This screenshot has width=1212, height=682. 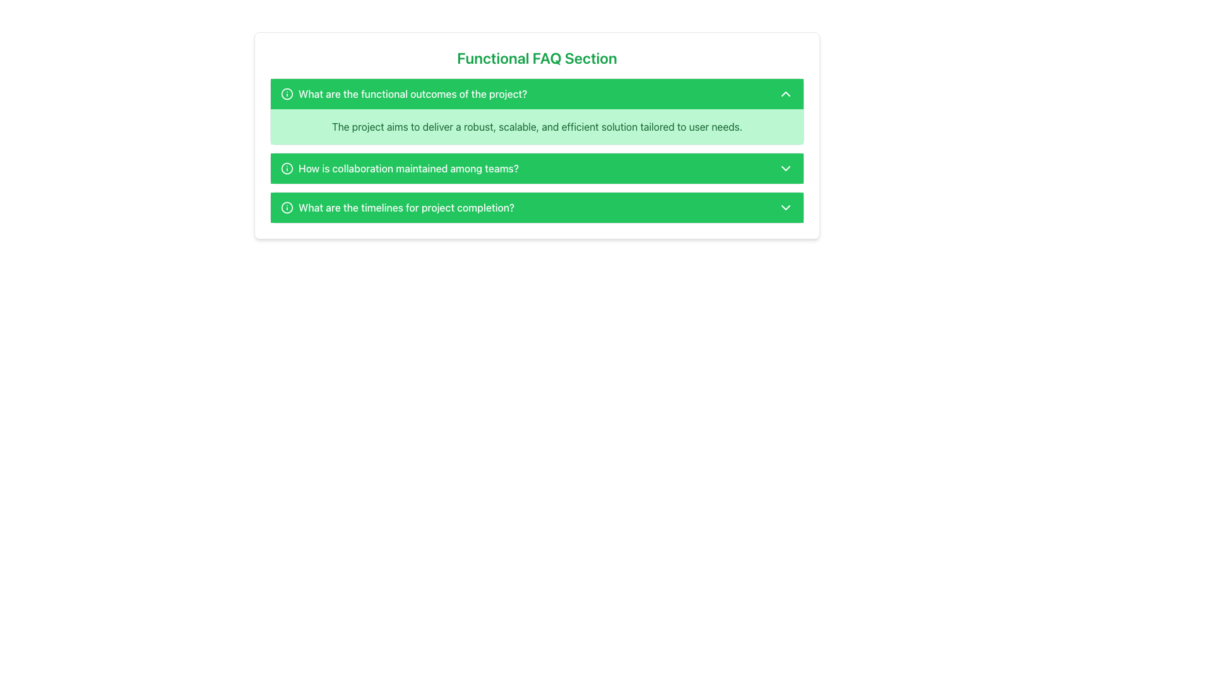 What do you see at coordinates (287, 167) in the screenshot?
I see `the information icon component located near the left side of the FAQ section, adjacent to the question 'How is collaboration maintained among teams?'` at bounding box center [287, 167].